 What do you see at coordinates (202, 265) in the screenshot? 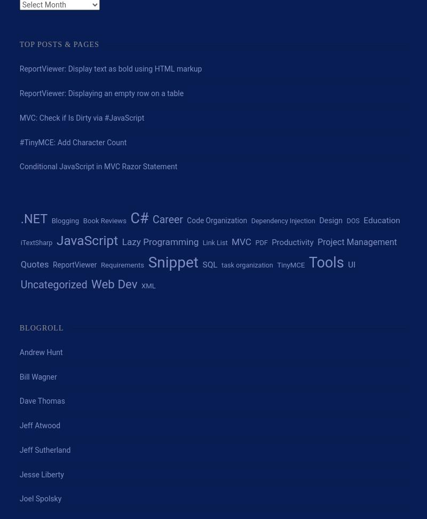
I see `'SQL'` at bounding box center [202, 265].